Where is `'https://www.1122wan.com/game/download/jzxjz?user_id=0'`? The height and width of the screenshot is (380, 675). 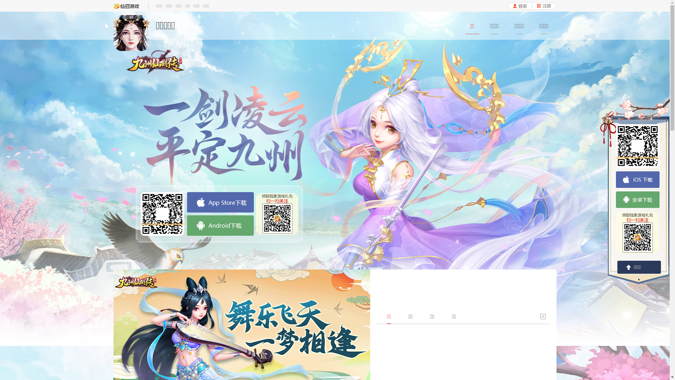
'https://www.1122wan.com/game/download/jzxjz?user_id=0' is located at coordinates (140, 214).